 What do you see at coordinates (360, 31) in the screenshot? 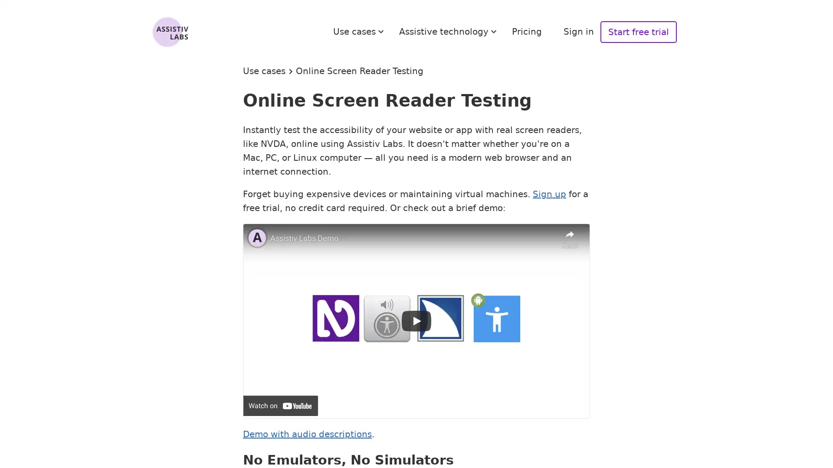
I see `Use cases` at bounding box center [360, 31].